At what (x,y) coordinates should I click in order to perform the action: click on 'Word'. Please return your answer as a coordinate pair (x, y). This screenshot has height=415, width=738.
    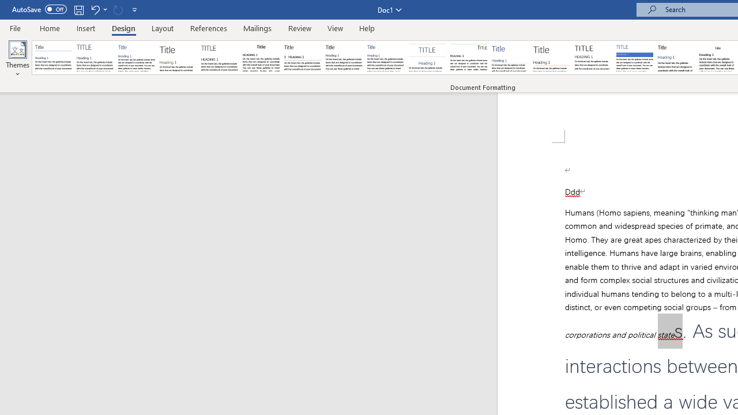
    Looking at the image, I should click on (676, 58).